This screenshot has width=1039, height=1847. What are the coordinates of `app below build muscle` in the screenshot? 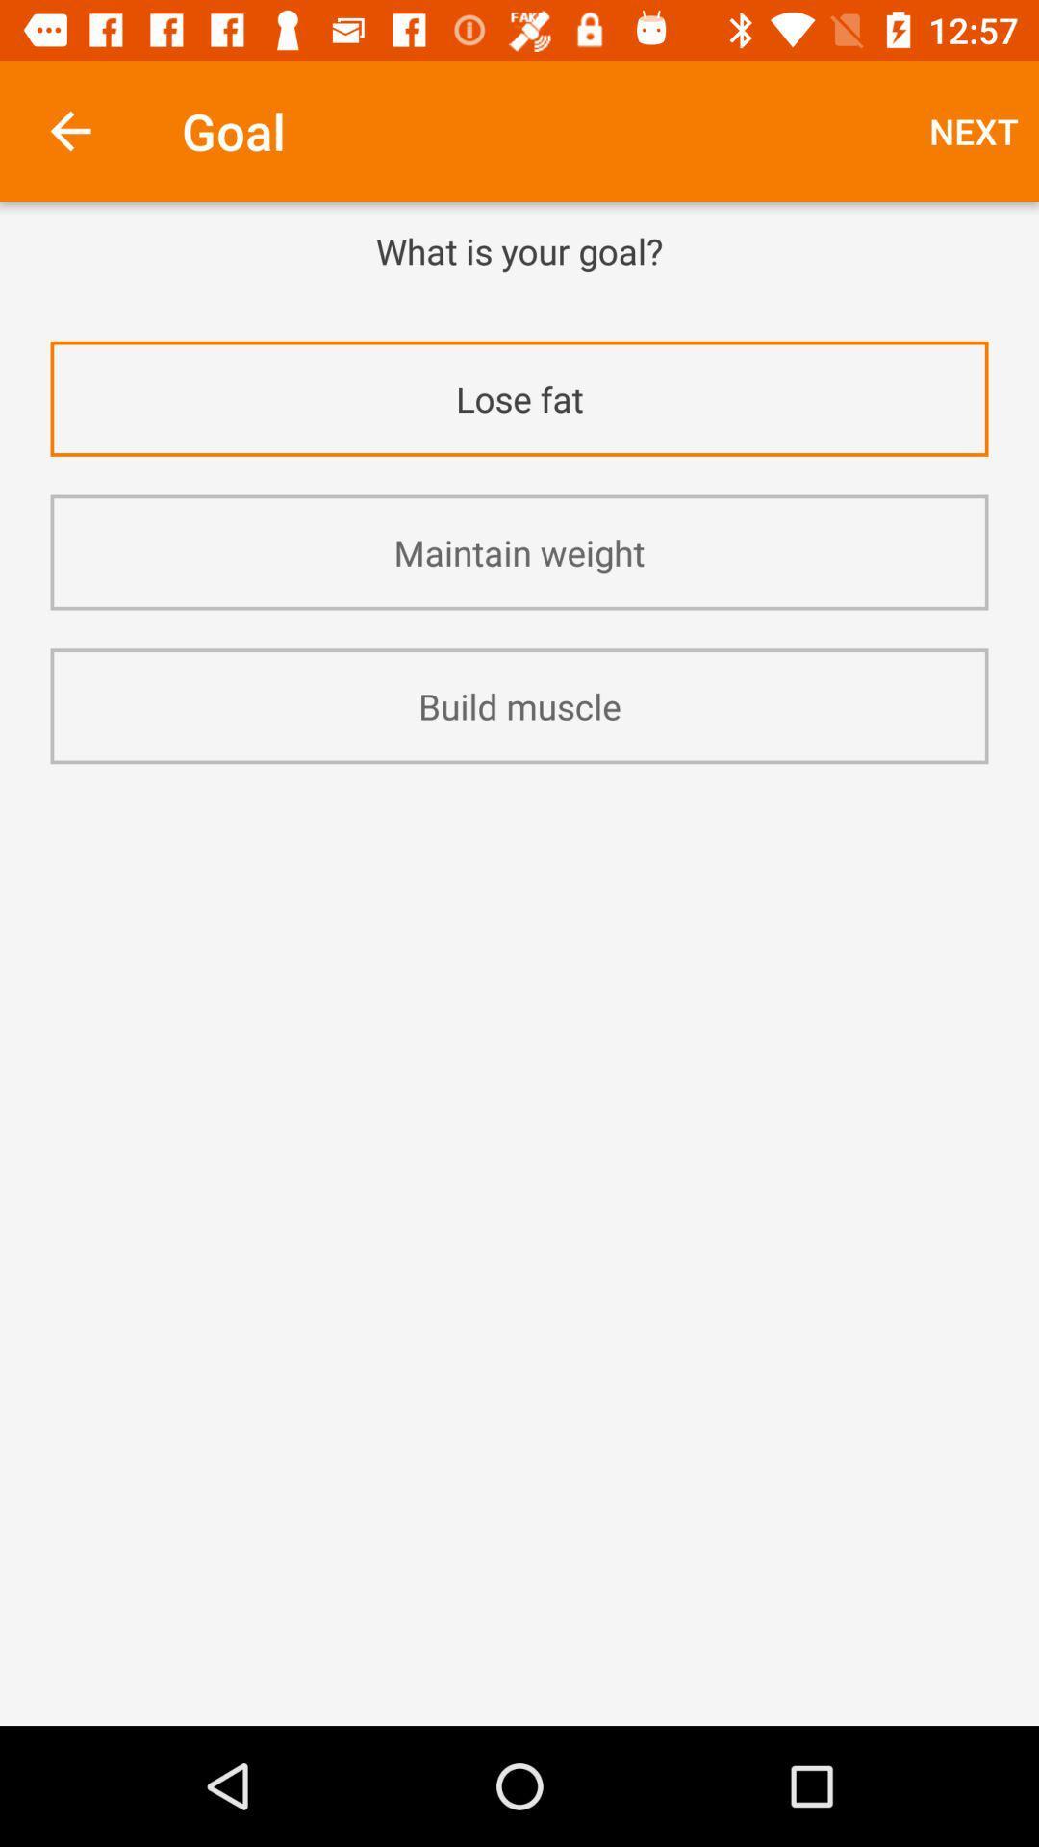 It's located at (519, 816).